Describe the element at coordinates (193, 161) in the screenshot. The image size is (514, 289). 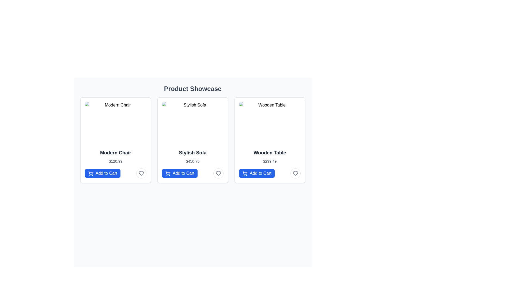
I see `the price text displaying the price of the featured product 'Stylish Sofa', located below the title and above the 'Add to Cart' button in the product card` at that location.